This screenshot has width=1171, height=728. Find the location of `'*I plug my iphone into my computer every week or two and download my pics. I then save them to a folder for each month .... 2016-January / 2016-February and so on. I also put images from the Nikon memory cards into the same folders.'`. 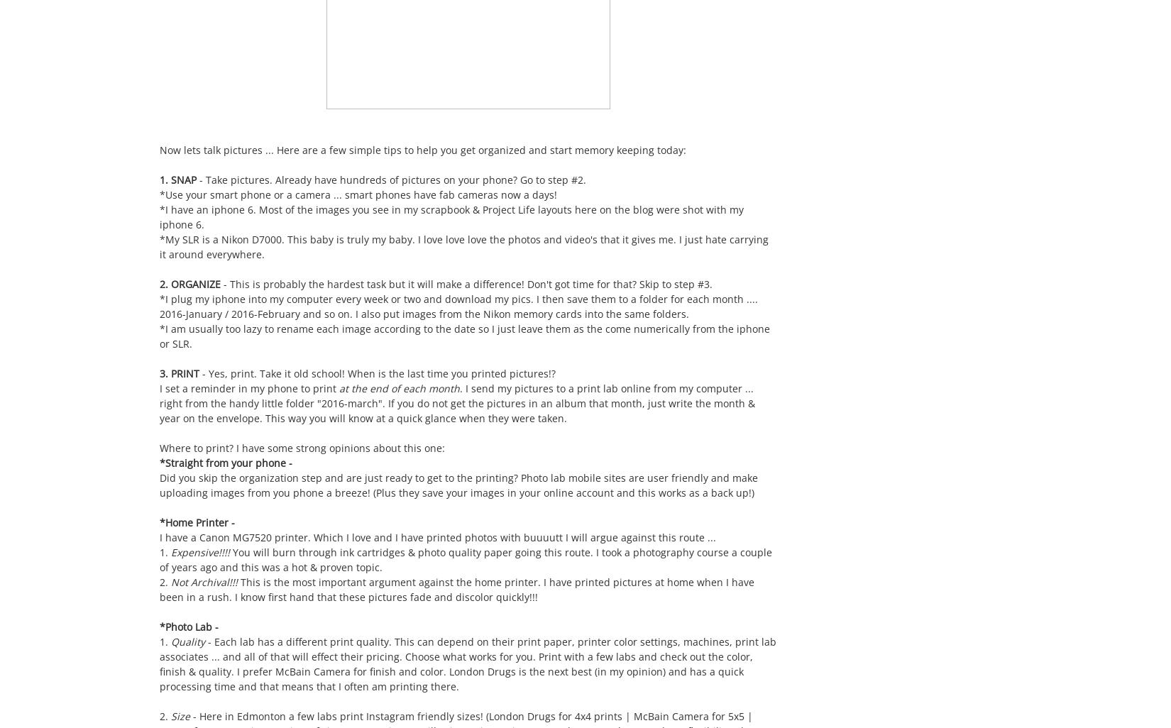

'*I plug my iphone into my computer every week or two and download my pics. I then save them to a folder for each month .... 2016-January / 2016-February and so on. I also put images from the Nikon memory cards into the same folders.' is located at coordinates (458, 307).